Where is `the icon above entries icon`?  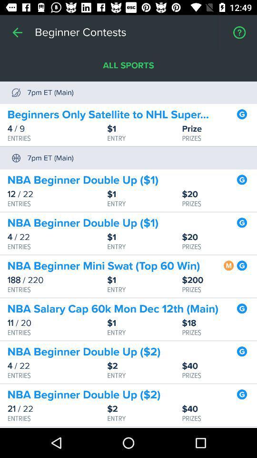
the icon above entries icon is located at coordinates (57, 323).